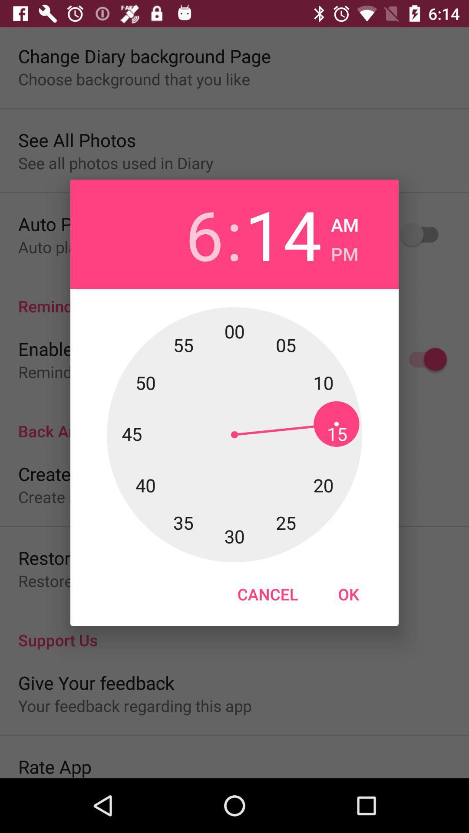  I want to click on the pm checkbox, so click(344, 251).